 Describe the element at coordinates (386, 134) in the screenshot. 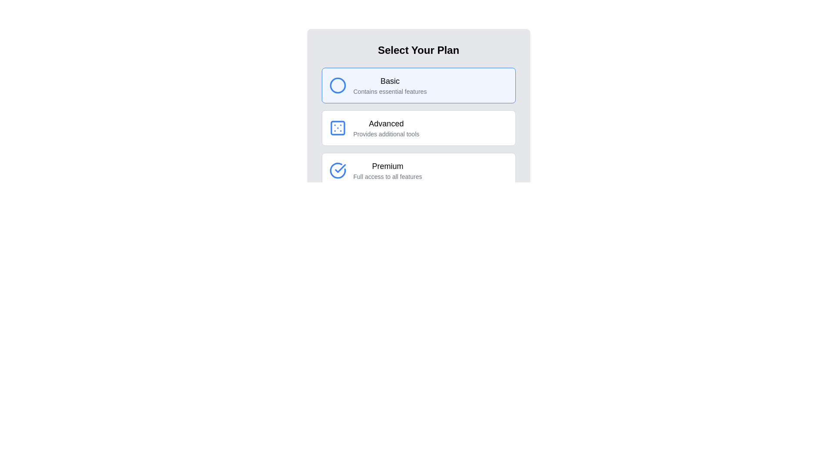

I see `the descriptive text label that provides extra details about the 'Advanced' plan, located under the 'Advanced' label within the selectable option group` at that location.